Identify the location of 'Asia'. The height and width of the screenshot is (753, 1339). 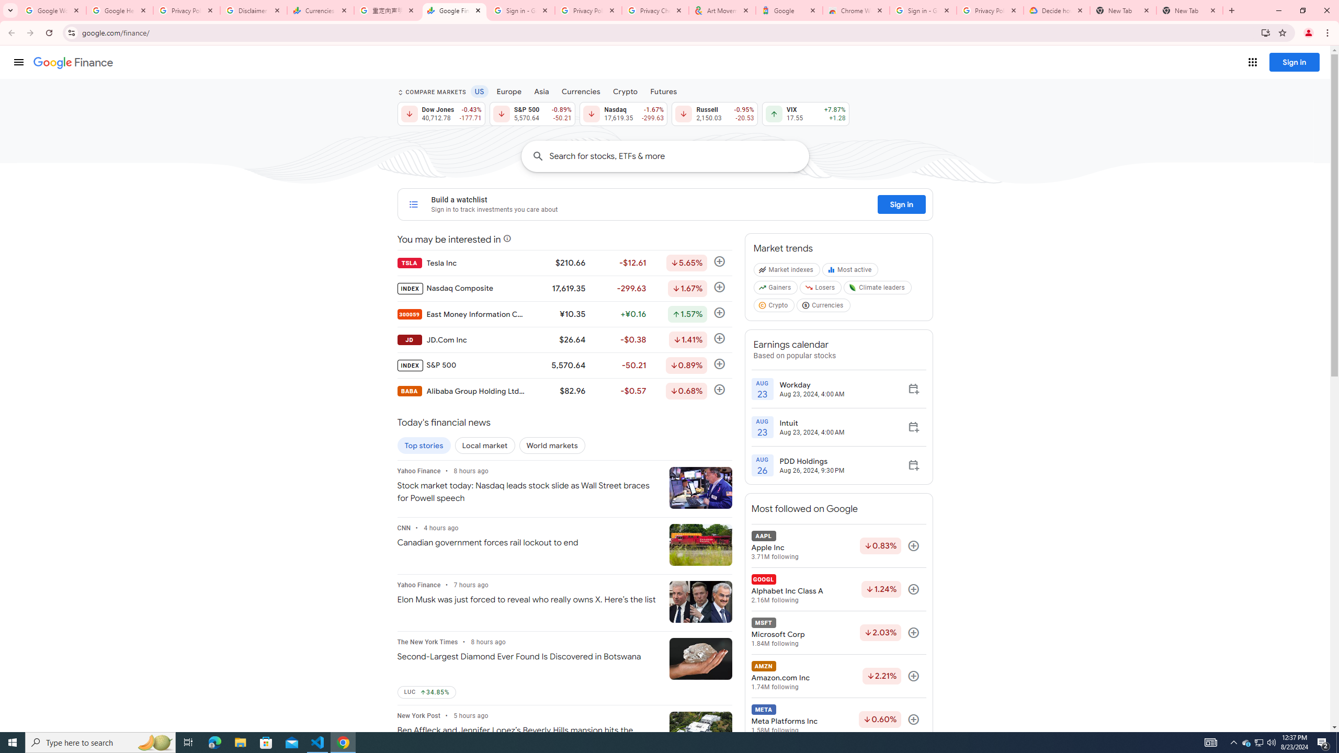
(541, 90).